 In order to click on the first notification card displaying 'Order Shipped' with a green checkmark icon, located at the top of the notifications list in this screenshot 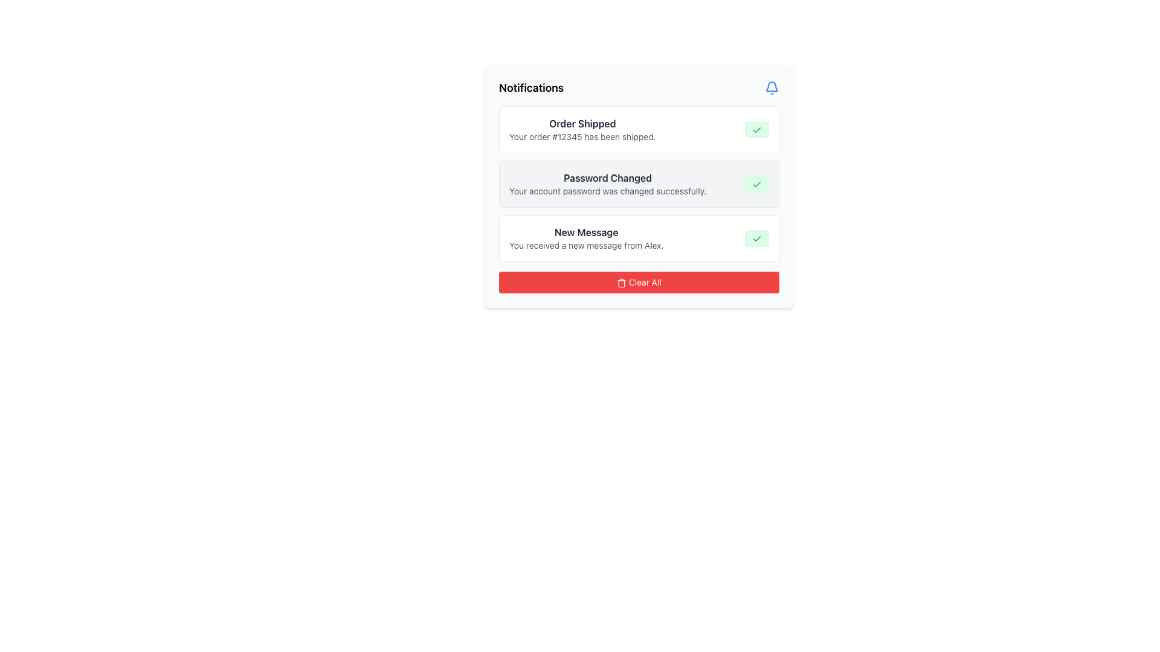, I will do `click(638, 130)`.